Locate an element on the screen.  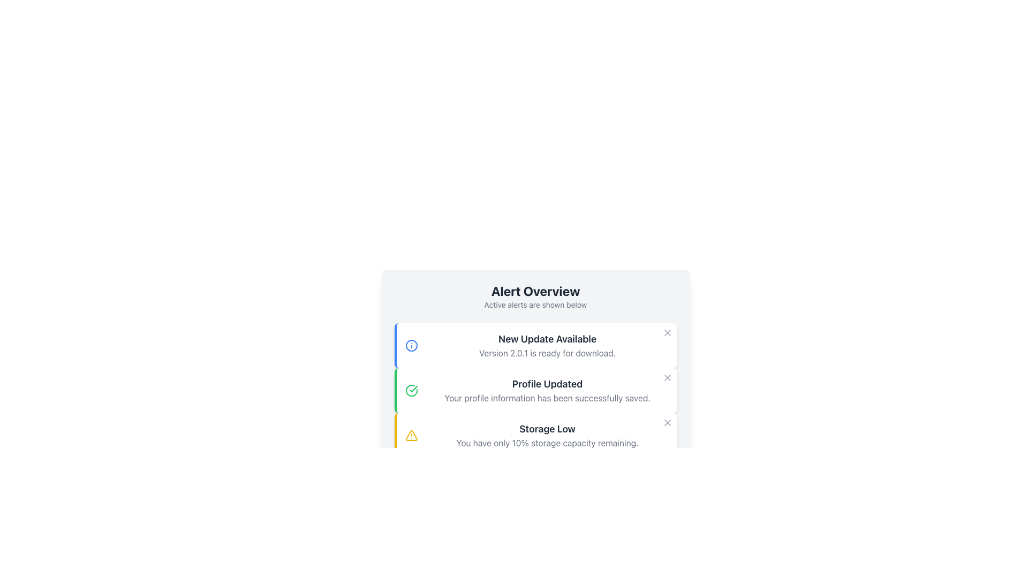
the static text block that announces the availability of a new update (version 2.0.1) located under the heading 'Alert Overview' is located at coordinates (547, 345).